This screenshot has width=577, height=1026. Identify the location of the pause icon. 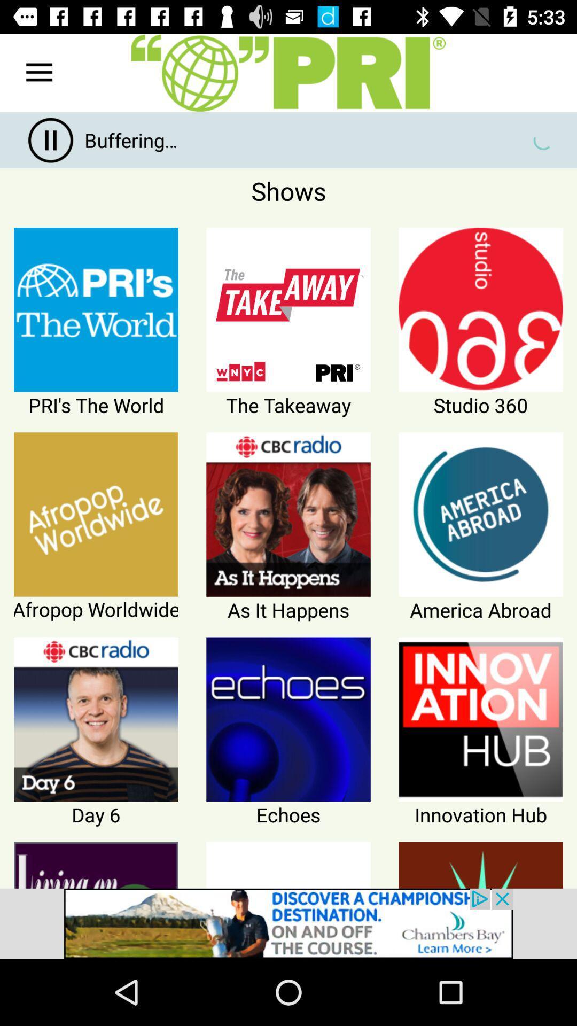
(50, 139).